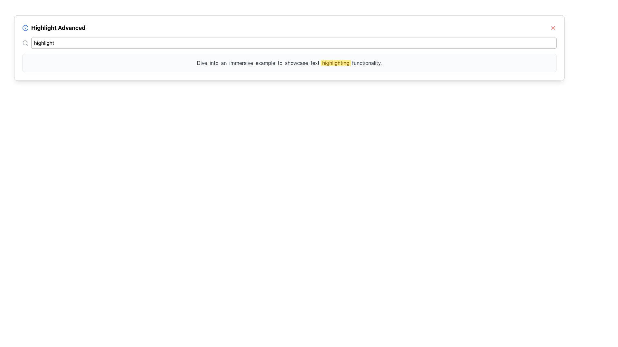 The height and width of the screenshot is (347, 618). What do you see at coordinates (54, 28) in the screenshot?
I see `the 'Highlight Advanced' text label, which is styled with a bold and large font and located at the top-left section of the interface` at bounding box center [54, 28].